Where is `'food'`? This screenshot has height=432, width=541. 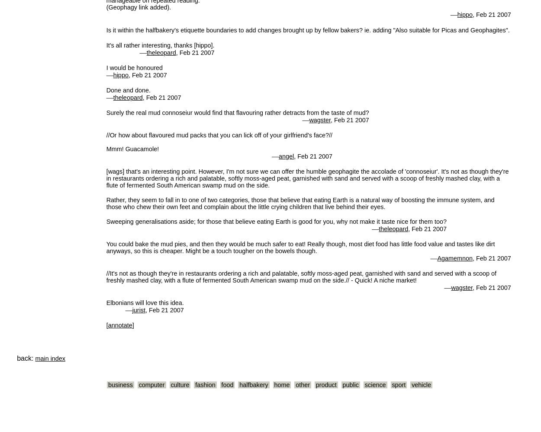
'food' is located at coordinates (227, 384).